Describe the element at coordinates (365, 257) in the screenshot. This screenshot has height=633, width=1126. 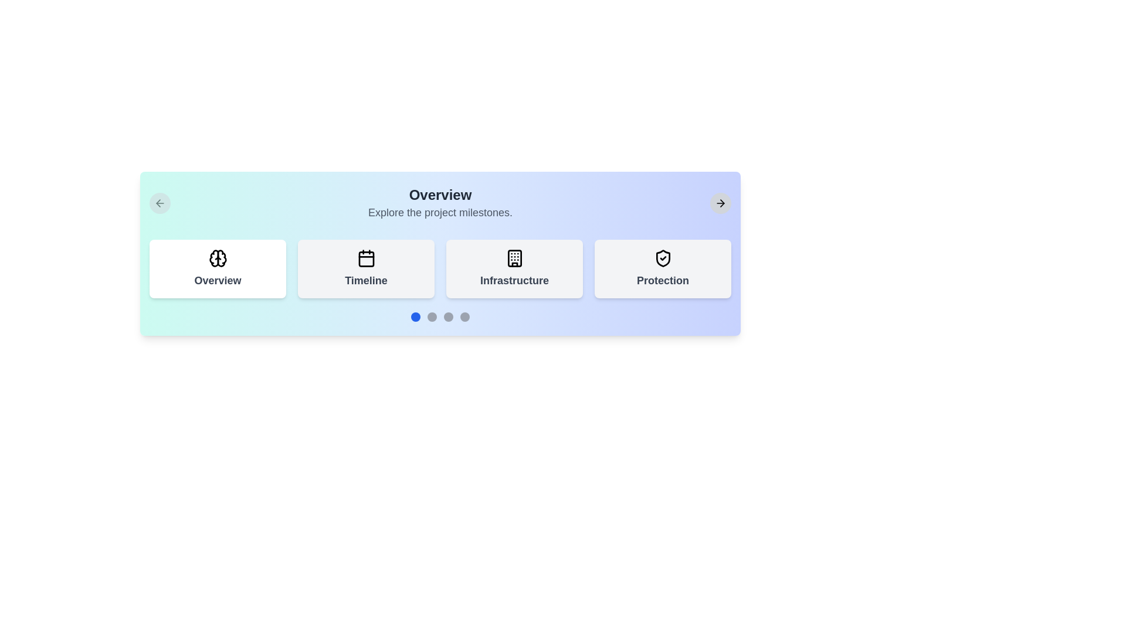
I see `the calendar icon located at the top of the 'Timeline' card, which is the second card in the horizontal list under the 'Overview' section` at that location.